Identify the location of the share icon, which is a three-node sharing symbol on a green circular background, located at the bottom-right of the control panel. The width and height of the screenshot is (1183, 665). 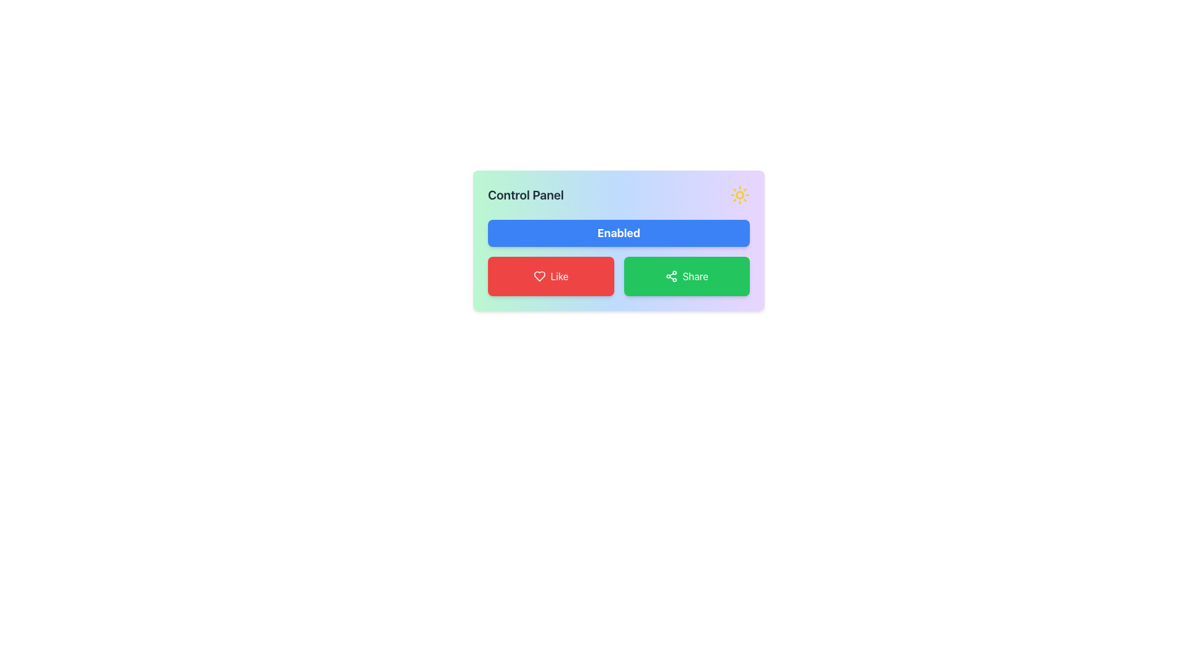
(670, 275).